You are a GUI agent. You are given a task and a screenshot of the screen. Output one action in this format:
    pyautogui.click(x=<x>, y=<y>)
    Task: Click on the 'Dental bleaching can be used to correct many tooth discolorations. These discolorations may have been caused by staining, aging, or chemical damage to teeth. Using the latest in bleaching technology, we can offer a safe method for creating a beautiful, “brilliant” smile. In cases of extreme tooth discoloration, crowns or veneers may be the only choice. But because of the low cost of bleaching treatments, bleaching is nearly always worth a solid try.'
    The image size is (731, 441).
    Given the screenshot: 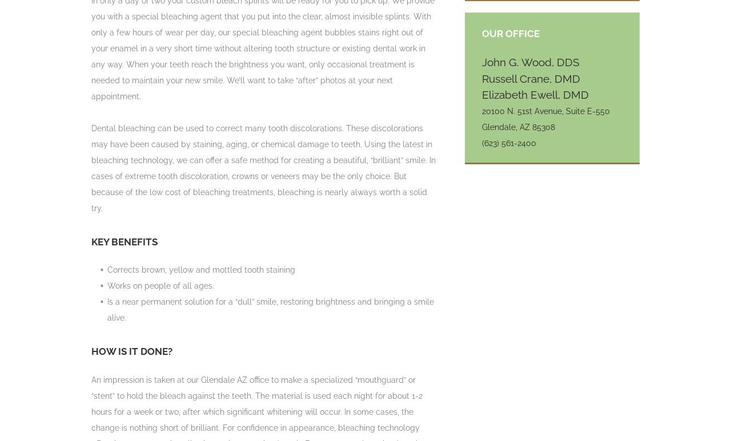 What is the action you would take?
    pyautogui.click(x=263, y=168)
    